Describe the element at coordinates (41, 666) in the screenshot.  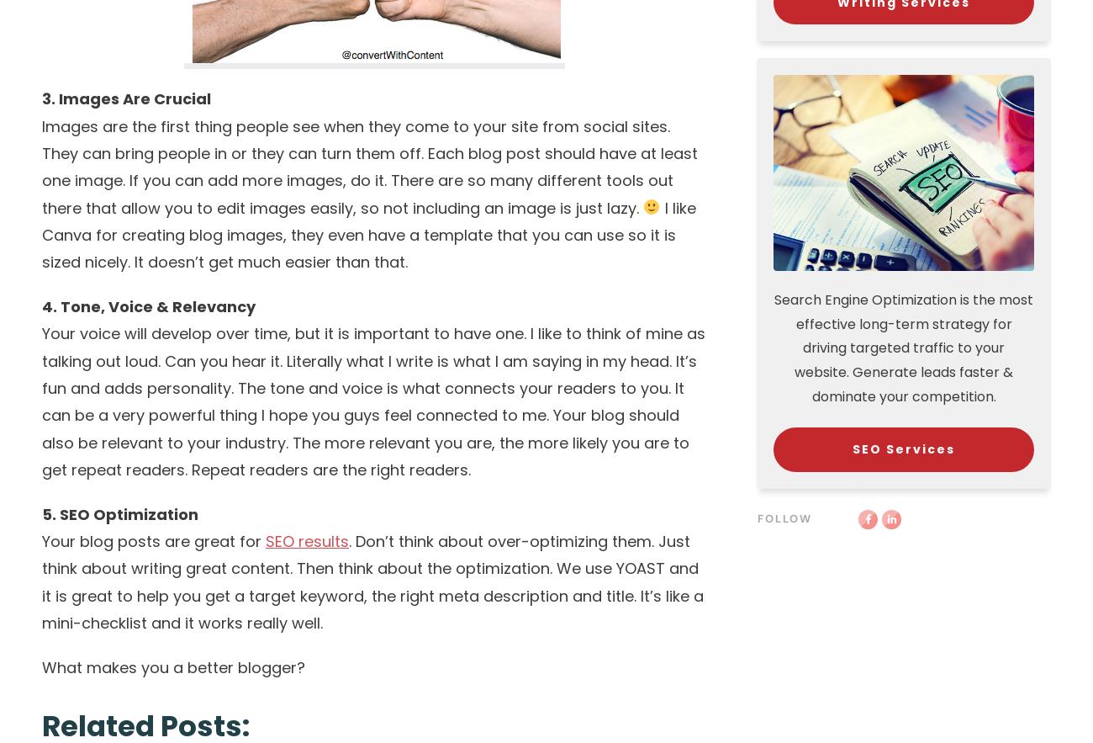
I see `'What makes you a better blogger?'` at that location.